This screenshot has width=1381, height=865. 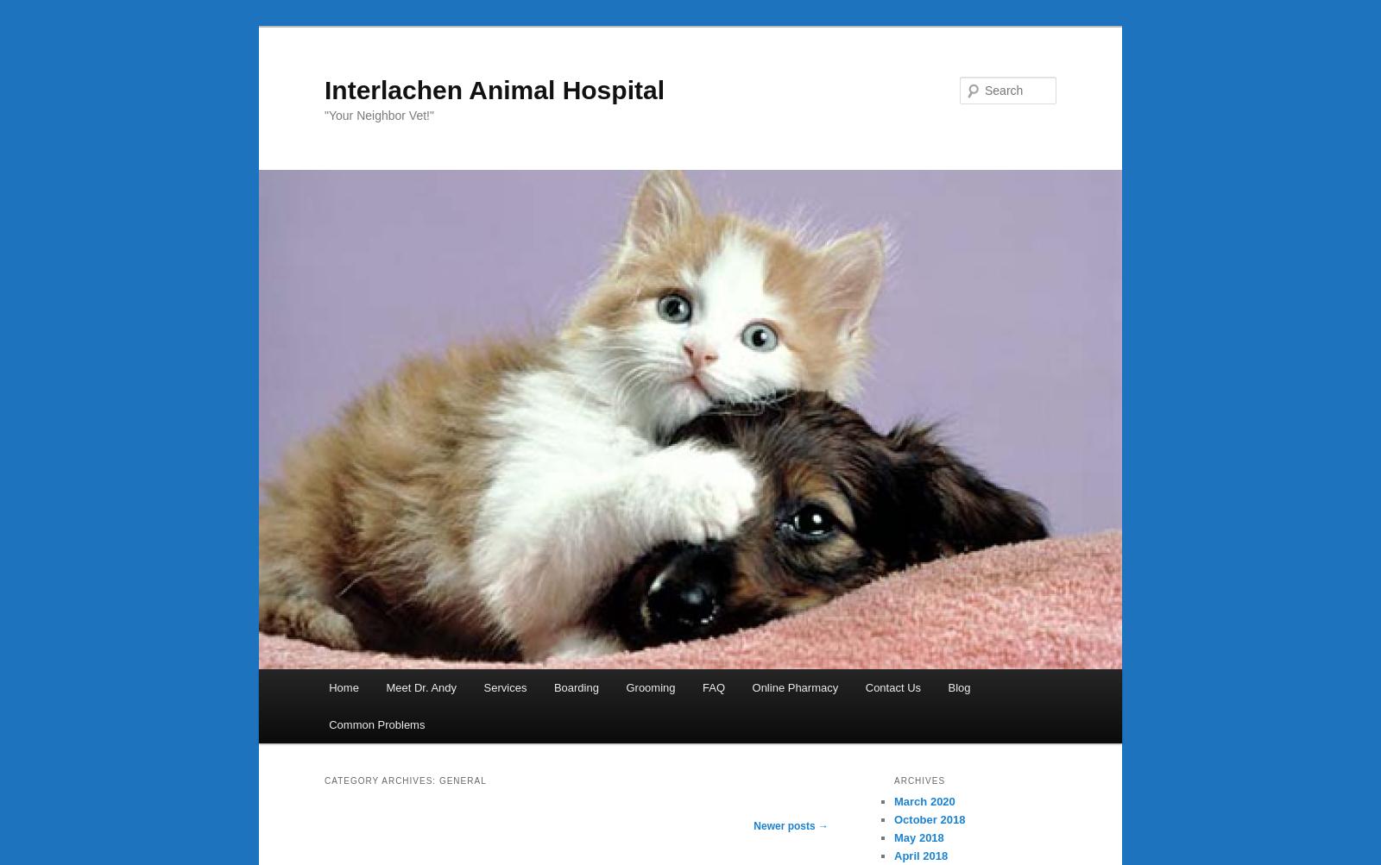 What do you see at coordinates (785, 824) in the screenshot?
I see `'Newer posts'` at bounding box center [785, 824].